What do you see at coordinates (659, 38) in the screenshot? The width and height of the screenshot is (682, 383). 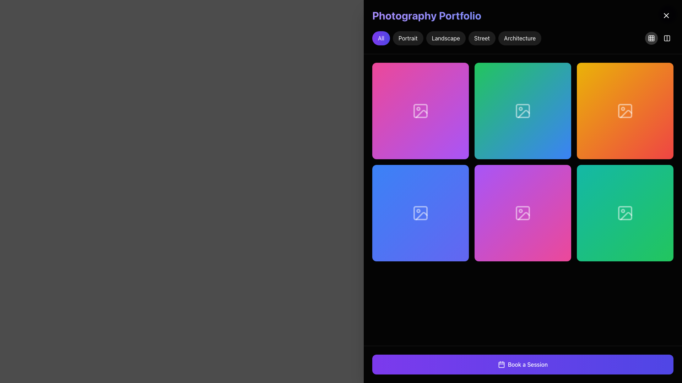 I see `the panel icon in the top-right corner of the interface to switch to split view layout` at bounding box center [659, 38].